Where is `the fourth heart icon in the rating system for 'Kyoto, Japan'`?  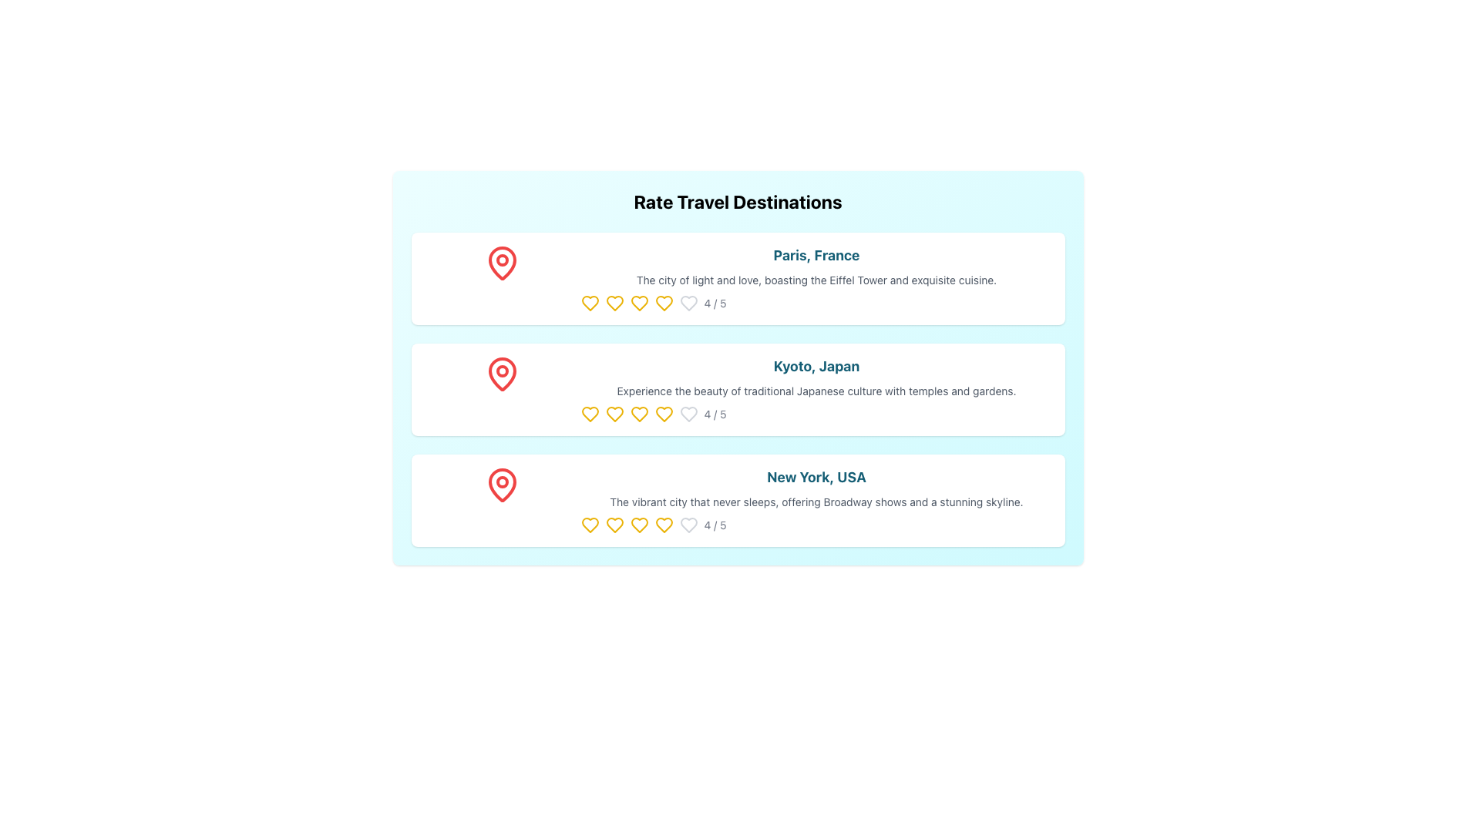 the fourth heart icon in the rating system for 'Kyoto, Japan' is located at coordinates (664, 413).